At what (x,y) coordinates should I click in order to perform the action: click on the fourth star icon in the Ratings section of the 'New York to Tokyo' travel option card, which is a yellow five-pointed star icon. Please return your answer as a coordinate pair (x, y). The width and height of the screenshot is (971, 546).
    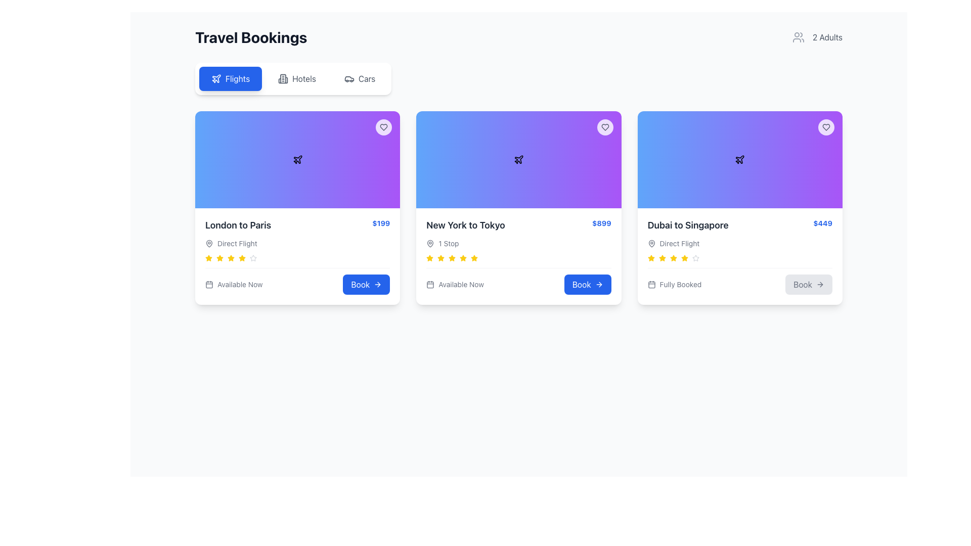
    Looking at the image, I should click on (474, 257).